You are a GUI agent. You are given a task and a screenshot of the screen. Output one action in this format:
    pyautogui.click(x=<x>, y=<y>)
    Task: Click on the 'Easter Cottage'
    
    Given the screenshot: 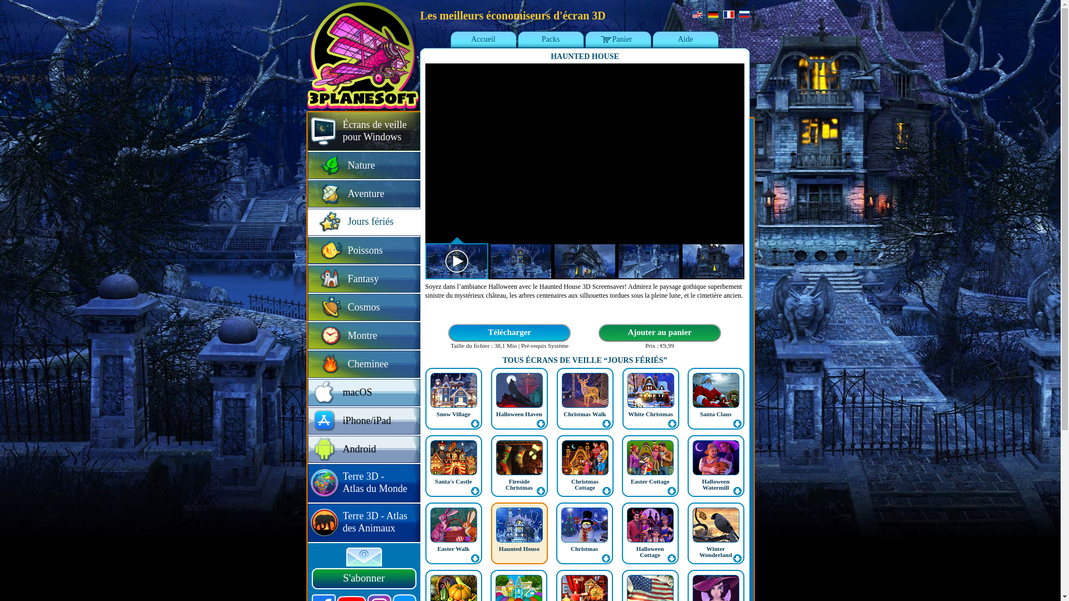 What is the action you would take?
    pyautogui.click(x=650, y=480)
    